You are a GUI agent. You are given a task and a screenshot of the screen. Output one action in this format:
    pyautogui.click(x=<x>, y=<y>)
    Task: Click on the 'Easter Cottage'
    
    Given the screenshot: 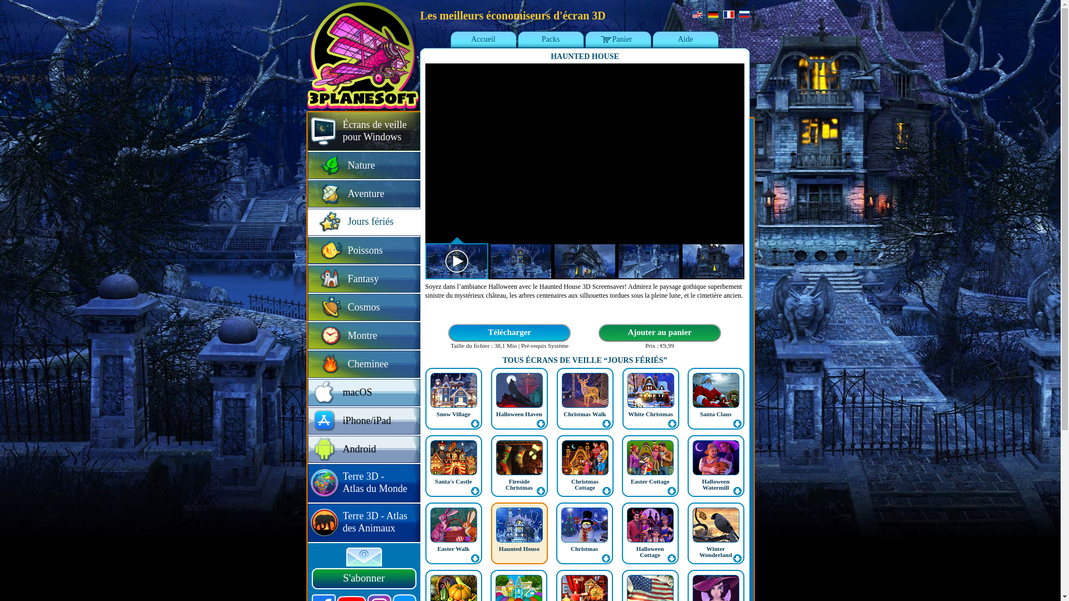 What is the action you would take?
    pyautogui.click(x=650, y=480)
    